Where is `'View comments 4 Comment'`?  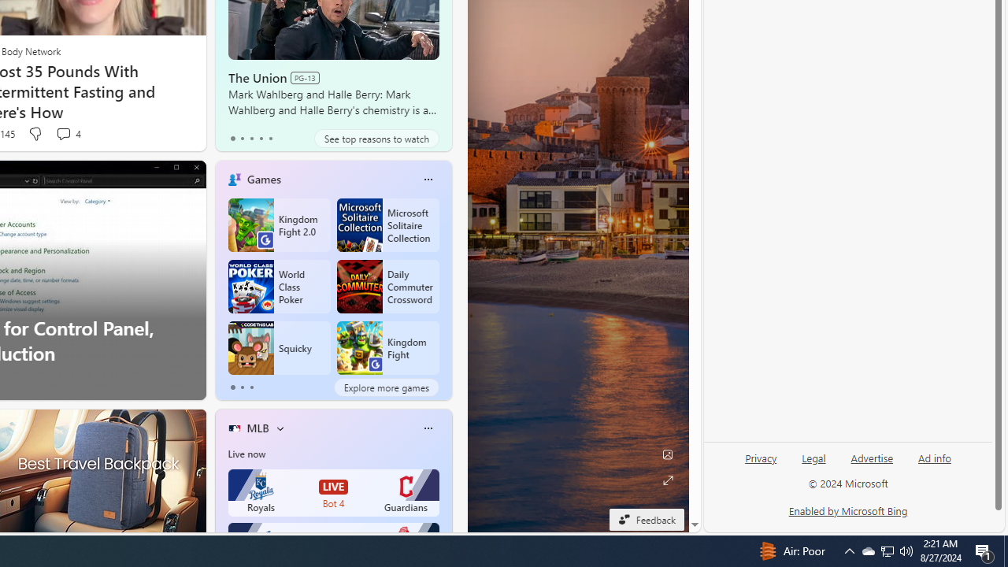
'View comments 4 Comment' is located at coordinates (63, 132).